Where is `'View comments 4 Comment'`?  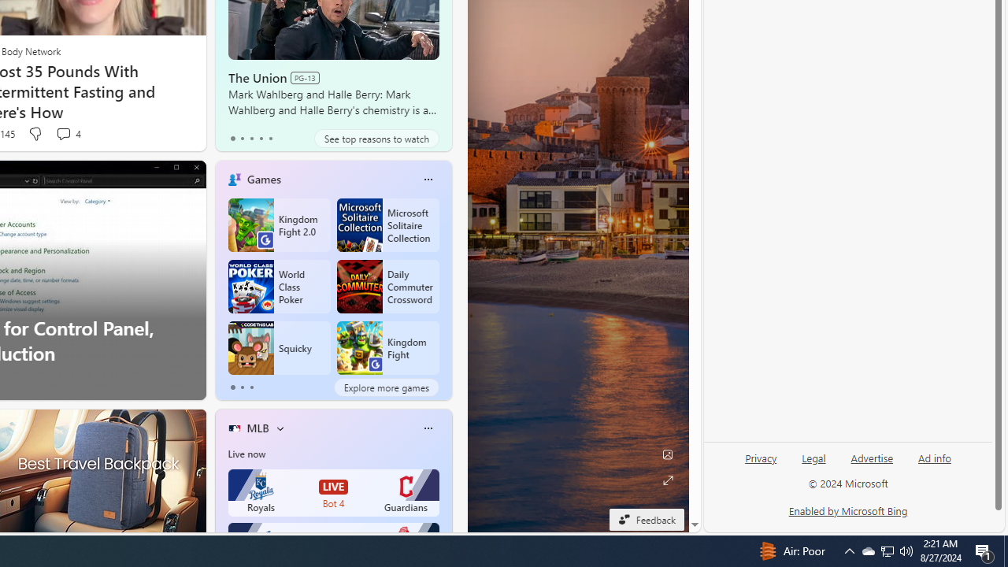
'View comments 4 Comment' is located at coordinates (63, 132).